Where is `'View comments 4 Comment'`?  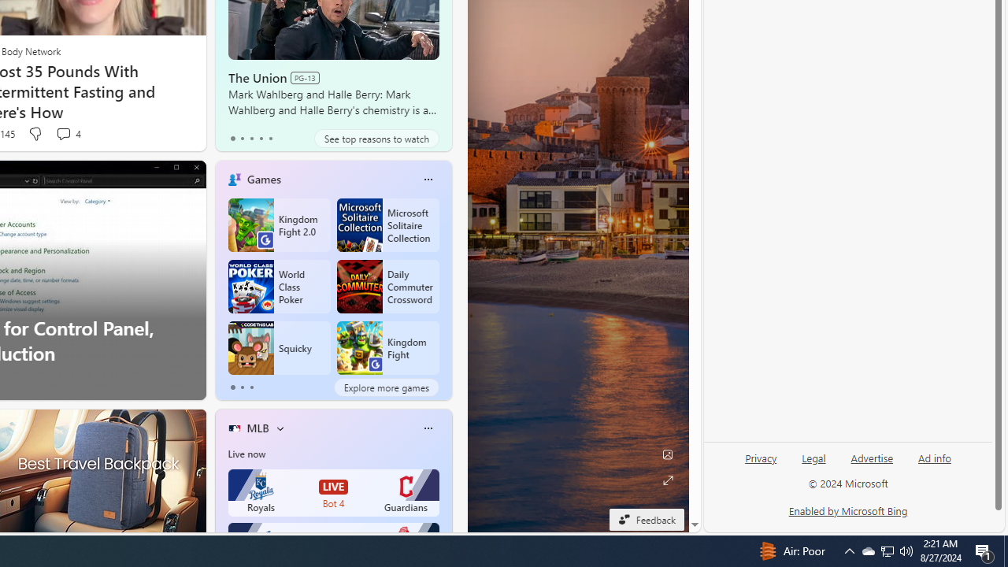
'View comments 4 Comment' is located at coordinates (63, 132).